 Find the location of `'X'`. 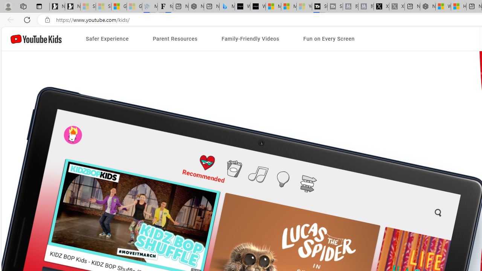

'X' is located at coordinates (381, 6).